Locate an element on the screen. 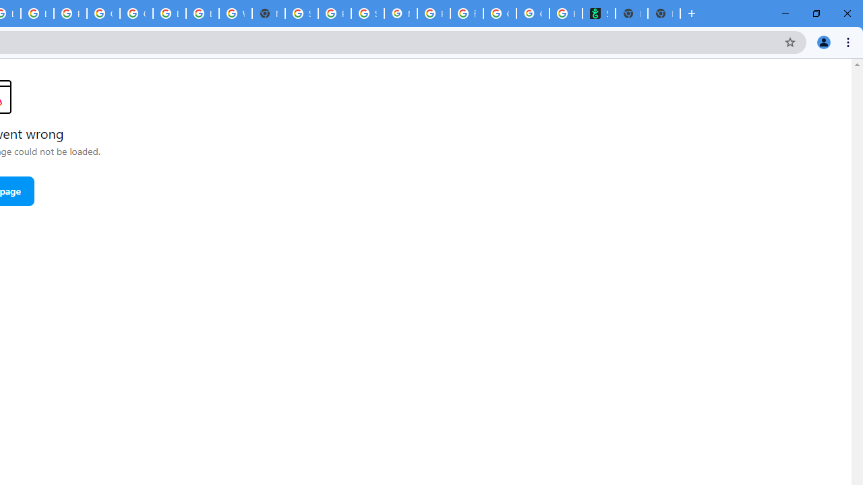  'New Tab' is located at coordinates (663, 13).